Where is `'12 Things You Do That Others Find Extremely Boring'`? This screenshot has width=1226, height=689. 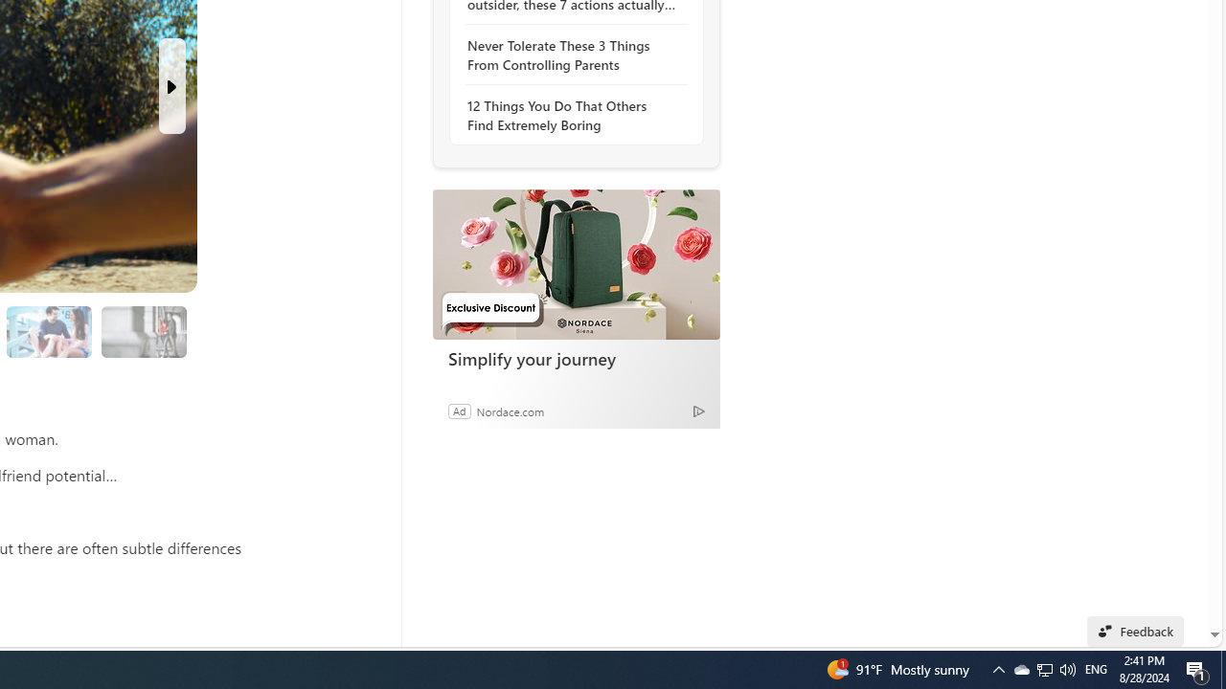 '12 Things You Do That Others Find Extremely Boring' is located at coordinates (570, 115).